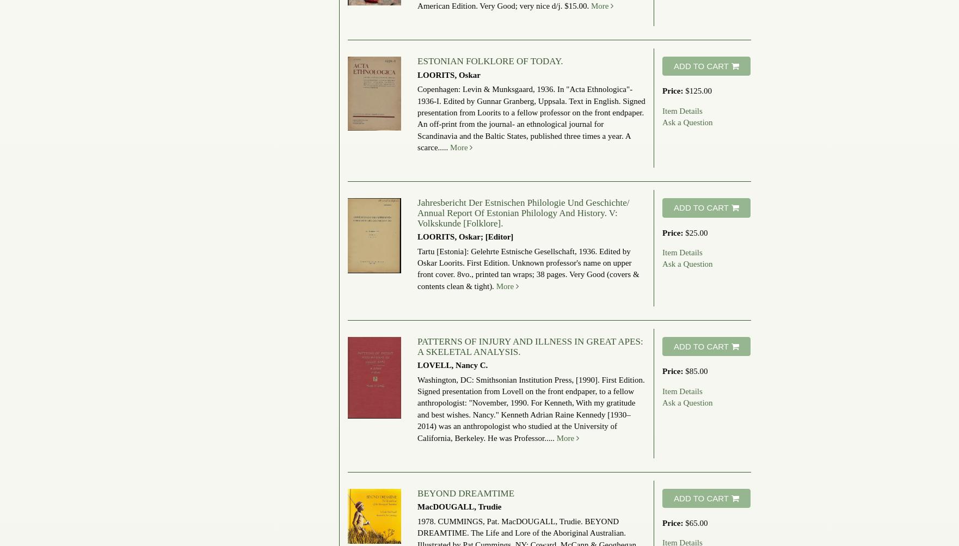  Describe the element at coordinates (448, 74) in the screenshot. I see `'LOORITS, Oskar'` at that location.